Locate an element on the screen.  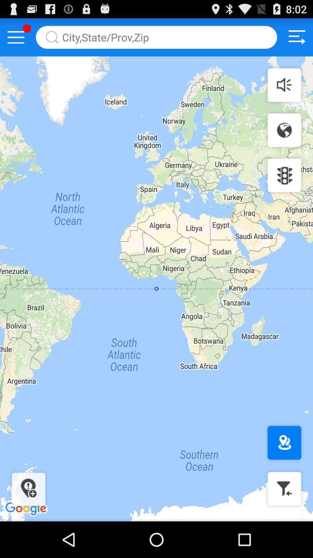
location is located at coordinates (284, 442).